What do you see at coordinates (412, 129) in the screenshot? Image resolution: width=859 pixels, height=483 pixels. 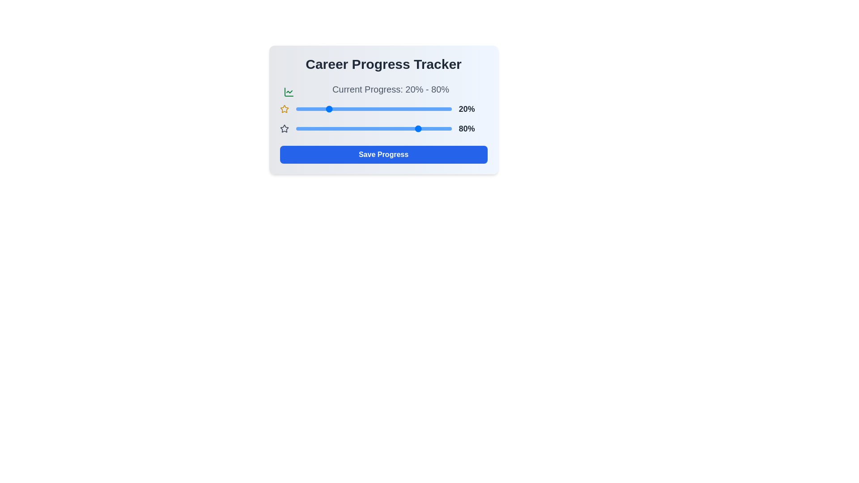 I see `the second progress slider to 75%` at bounding box center [412, 129].